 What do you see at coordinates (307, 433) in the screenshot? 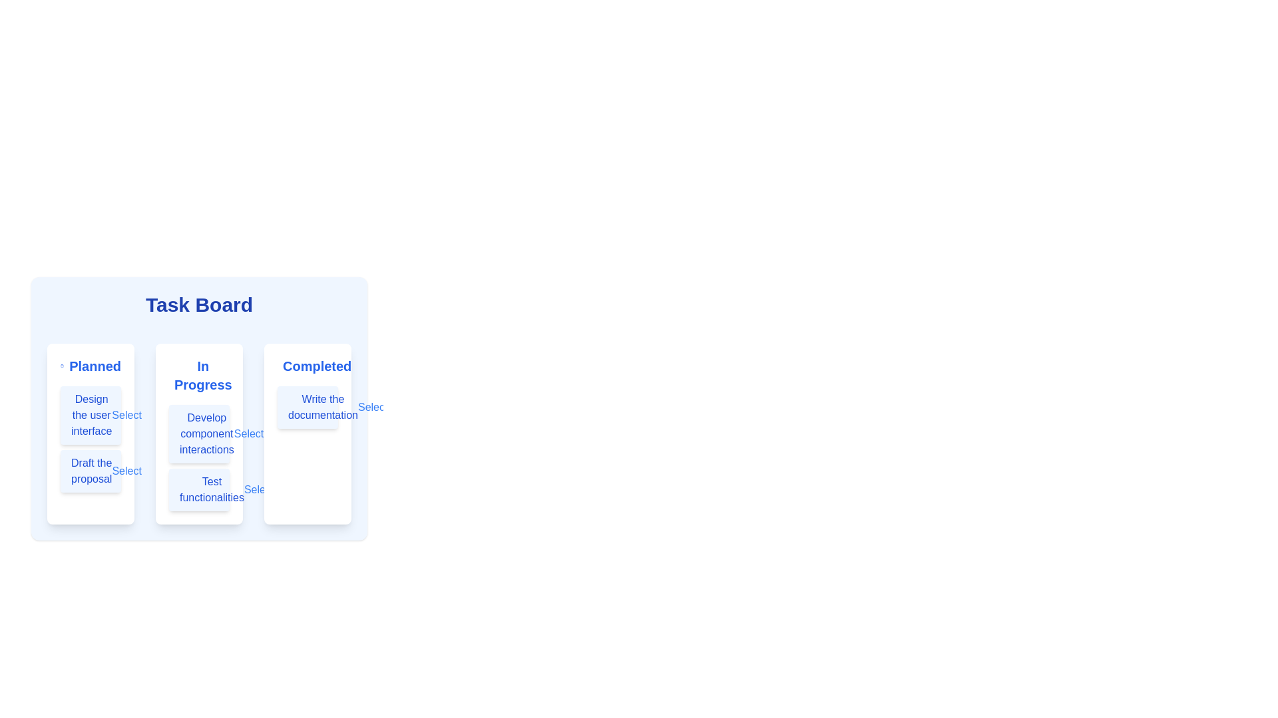
I see `the card component labeled 'Completed', which is the third card in a horizontal list under 'Task Board'` at bounding box center [307, 433].